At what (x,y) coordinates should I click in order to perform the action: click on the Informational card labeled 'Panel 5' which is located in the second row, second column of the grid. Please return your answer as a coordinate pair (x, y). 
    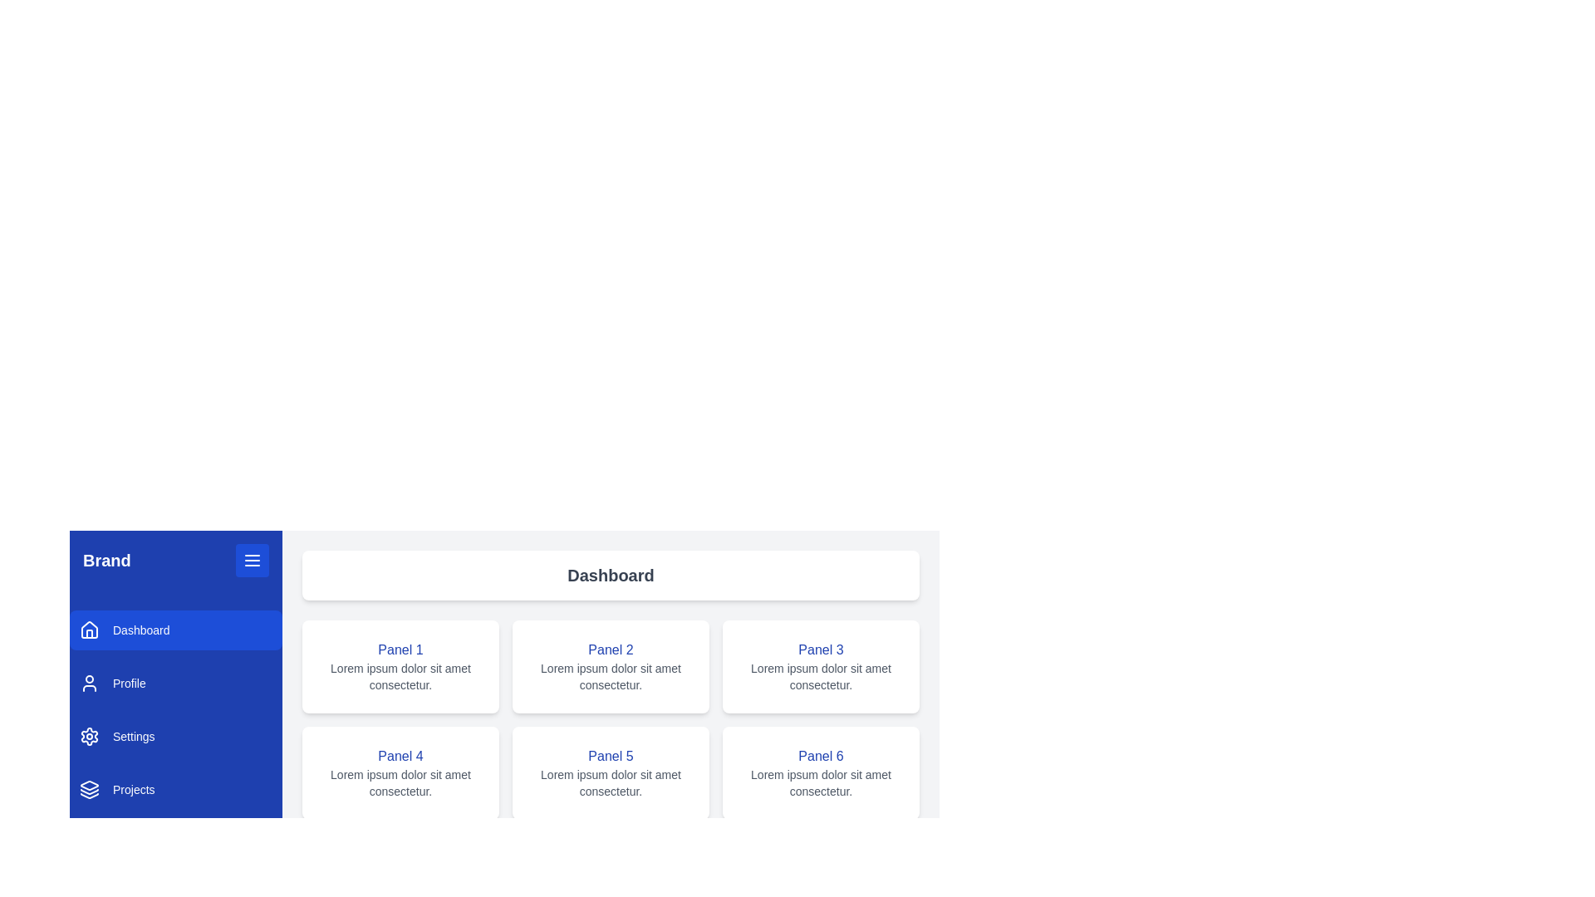
    Looking at the image, I should click on (610, 772).